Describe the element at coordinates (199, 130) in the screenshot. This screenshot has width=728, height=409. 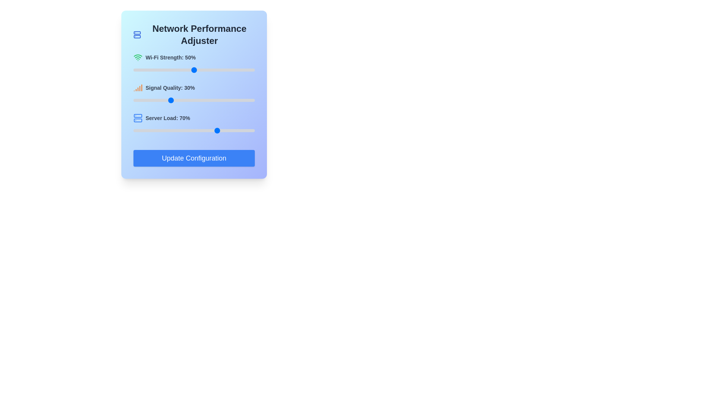
I see `the Server Load slider` at that location.